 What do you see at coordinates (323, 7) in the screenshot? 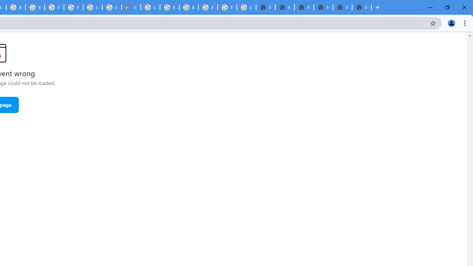
I see `'New Tab'` at bounding box center [323, 7].